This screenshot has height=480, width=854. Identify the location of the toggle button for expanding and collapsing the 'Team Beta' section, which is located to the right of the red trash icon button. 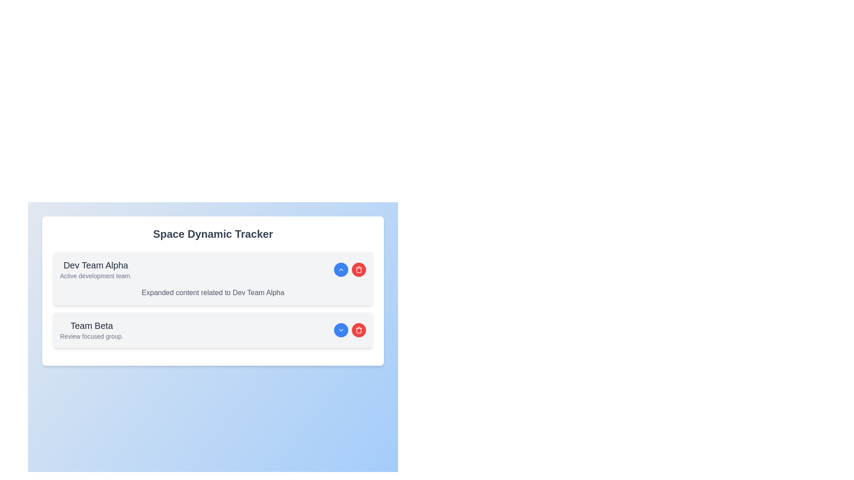
(341, 330).